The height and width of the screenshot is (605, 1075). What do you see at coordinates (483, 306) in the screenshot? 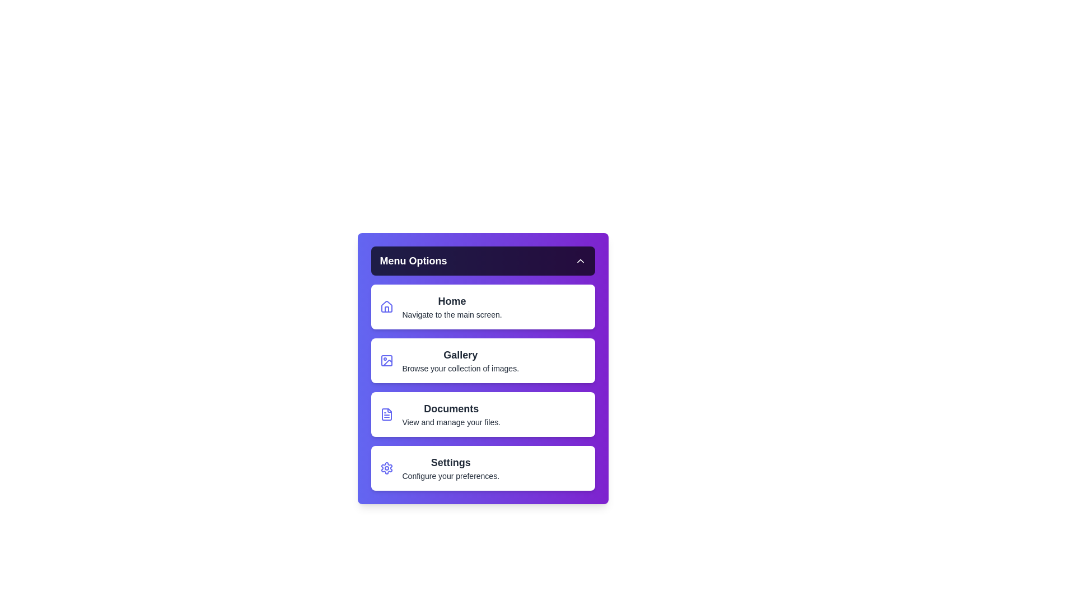
I see `the menu item Home to observe visual changes` at bounding box center [483, 306].